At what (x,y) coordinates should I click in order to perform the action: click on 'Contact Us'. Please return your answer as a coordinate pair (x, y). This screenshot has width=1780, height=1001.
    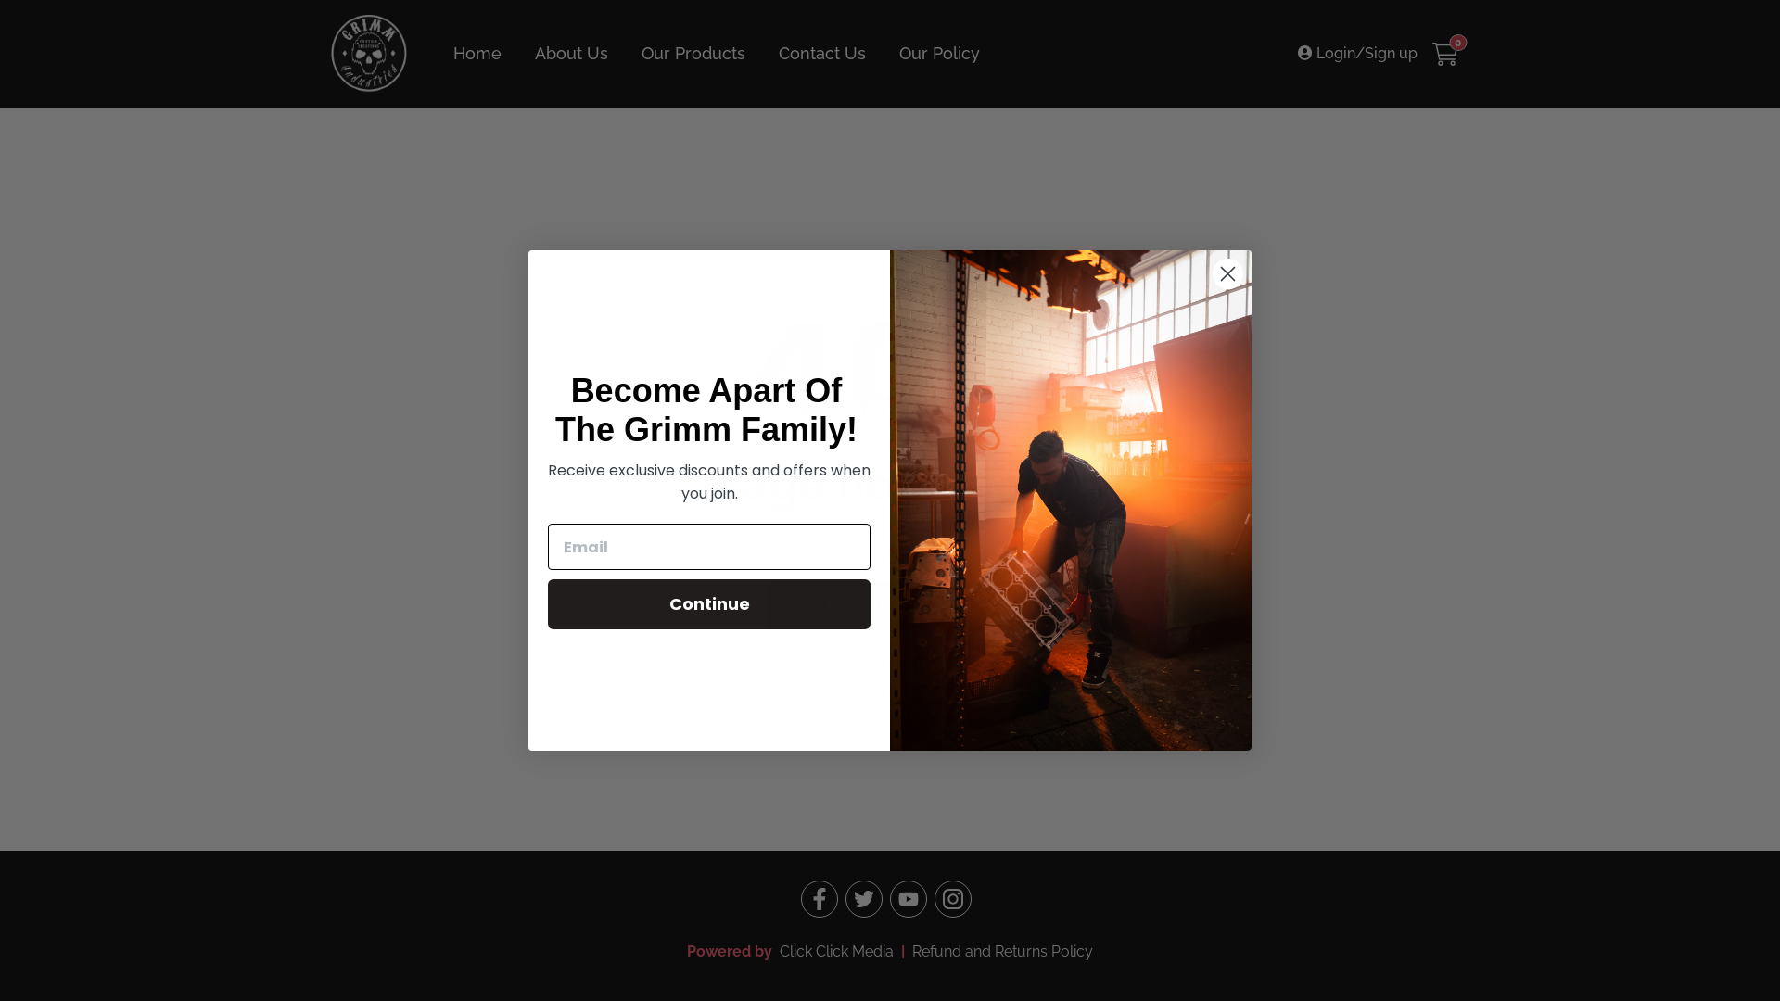
    Looking at the image, I should click on (821, 52).